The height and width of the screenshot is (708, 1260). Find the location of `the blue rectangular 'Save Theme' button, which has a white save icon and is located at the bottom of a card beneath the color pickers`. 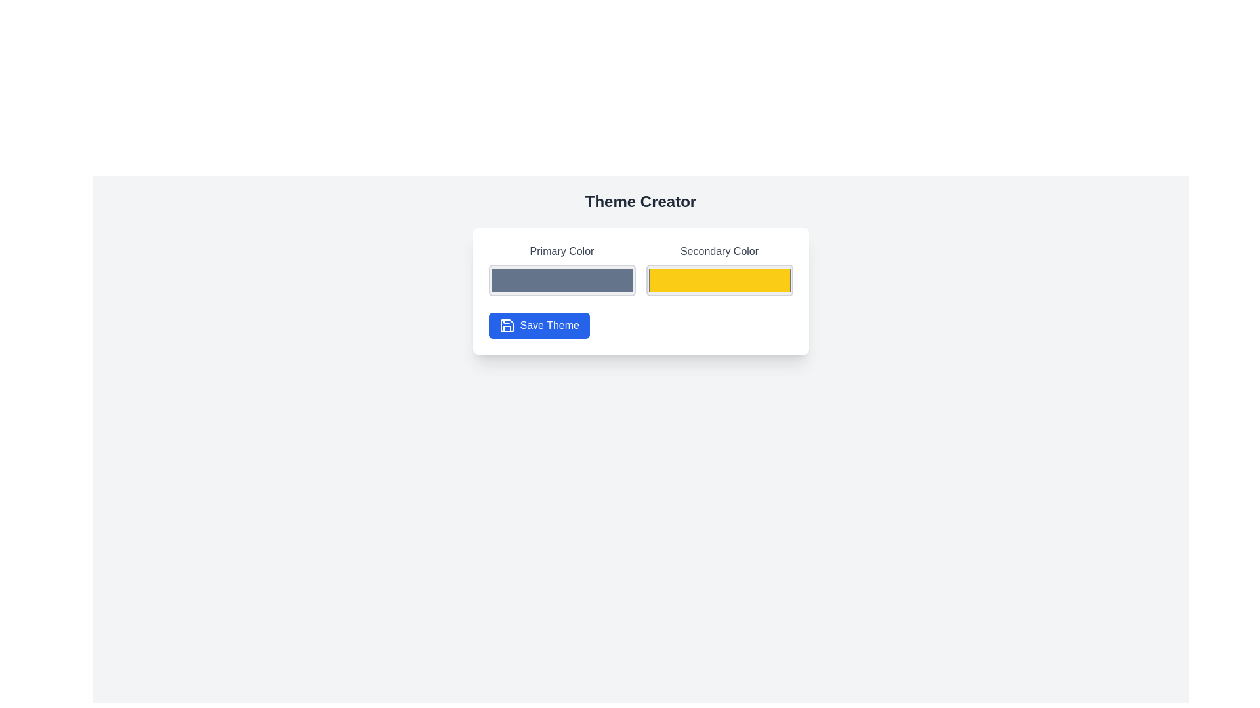

the blue rectangular 'Save Theme' button, which has a white save icon and is located at the bottom of a card beneath the color pickers is located at coordinates (539, 325).